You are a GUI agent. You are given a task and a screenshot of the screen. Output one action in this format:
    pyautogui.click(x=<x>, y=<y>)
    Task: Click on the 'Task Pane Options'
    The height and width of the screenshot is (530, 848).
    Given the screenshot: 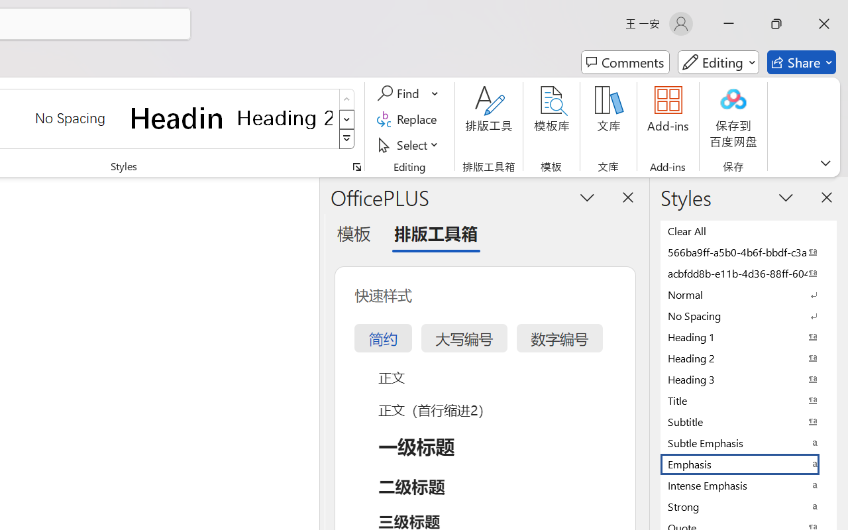 What is the action you would take?
    pyautogui.click(x=587, y=197)
    